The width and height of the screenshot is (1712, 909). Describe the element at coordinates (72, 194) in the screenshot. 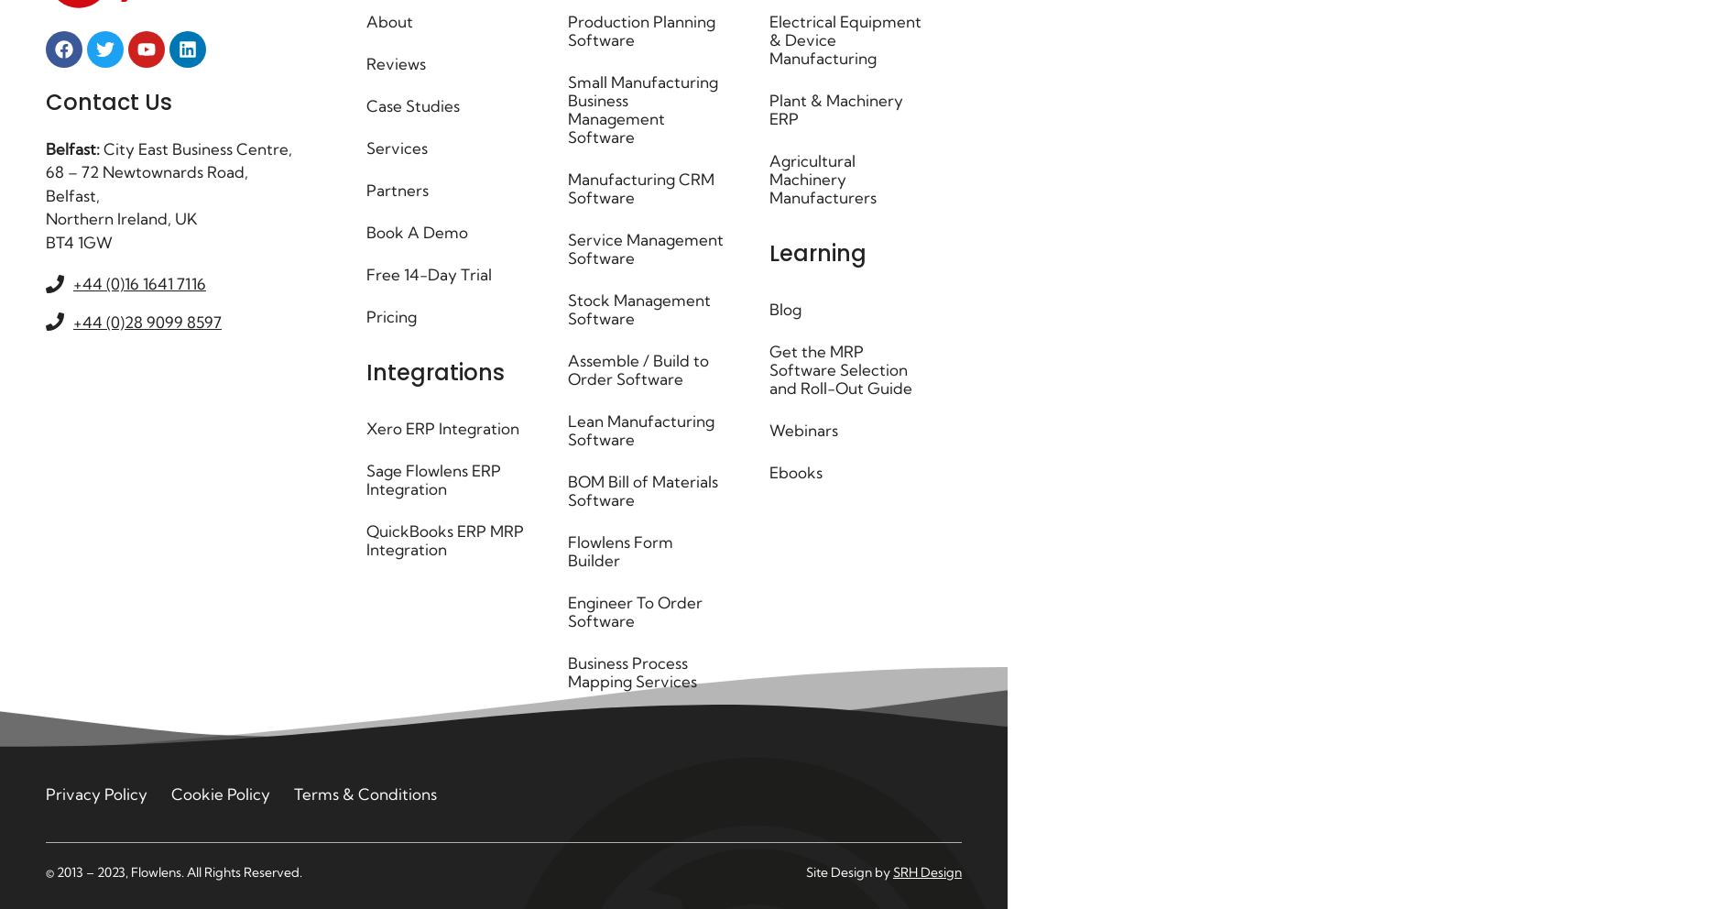

I see `'Belfast,'` at that location.